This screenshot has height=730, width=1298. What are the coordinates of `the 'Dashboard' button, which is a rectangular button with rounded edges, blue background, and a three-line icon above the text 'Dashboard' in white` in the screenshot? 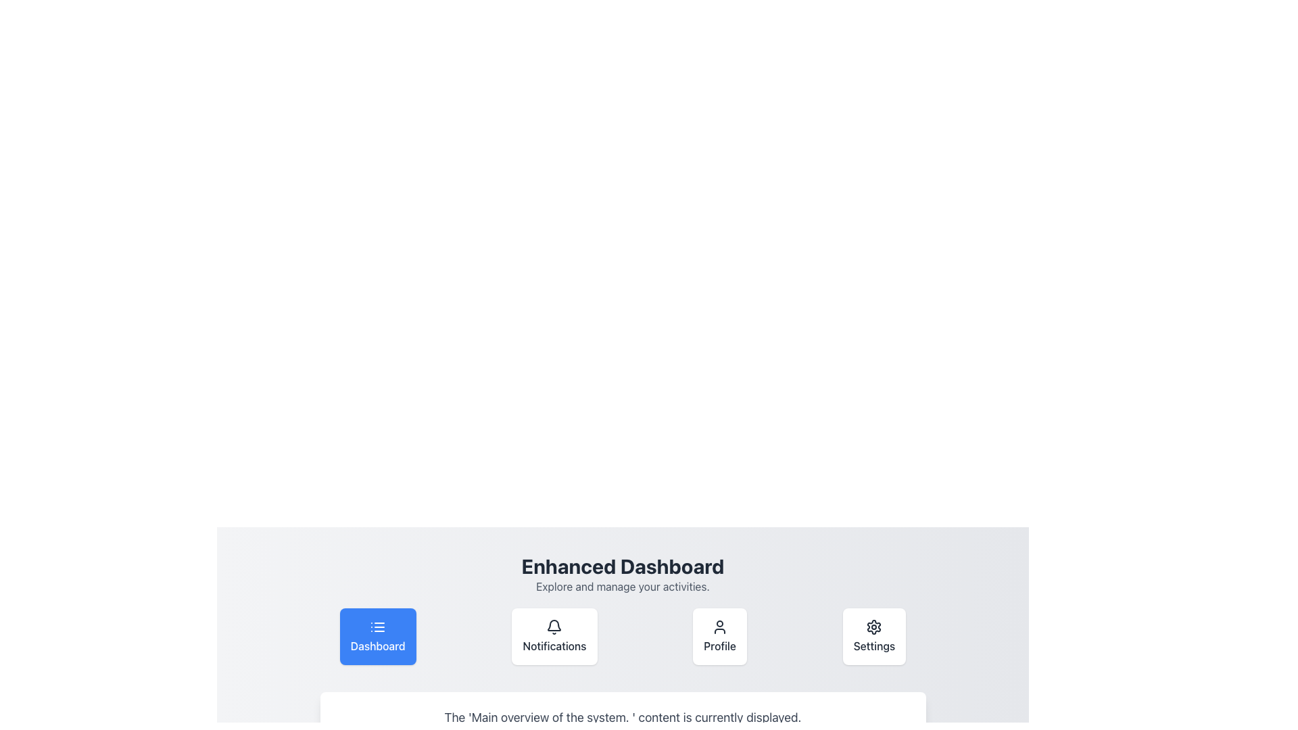 It's located at (378, 636).